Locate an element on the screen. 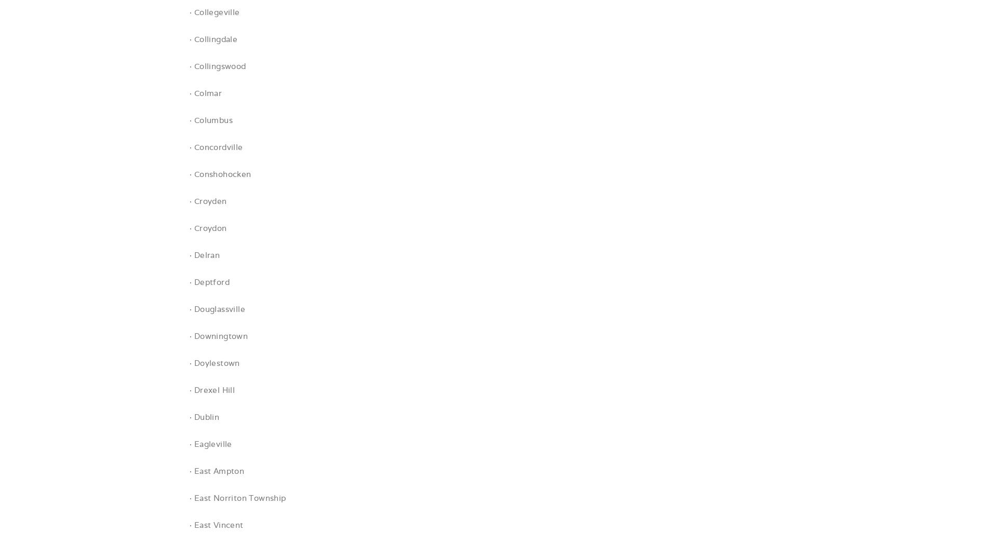  '· Deptford' is located at coordinates (209, 282).